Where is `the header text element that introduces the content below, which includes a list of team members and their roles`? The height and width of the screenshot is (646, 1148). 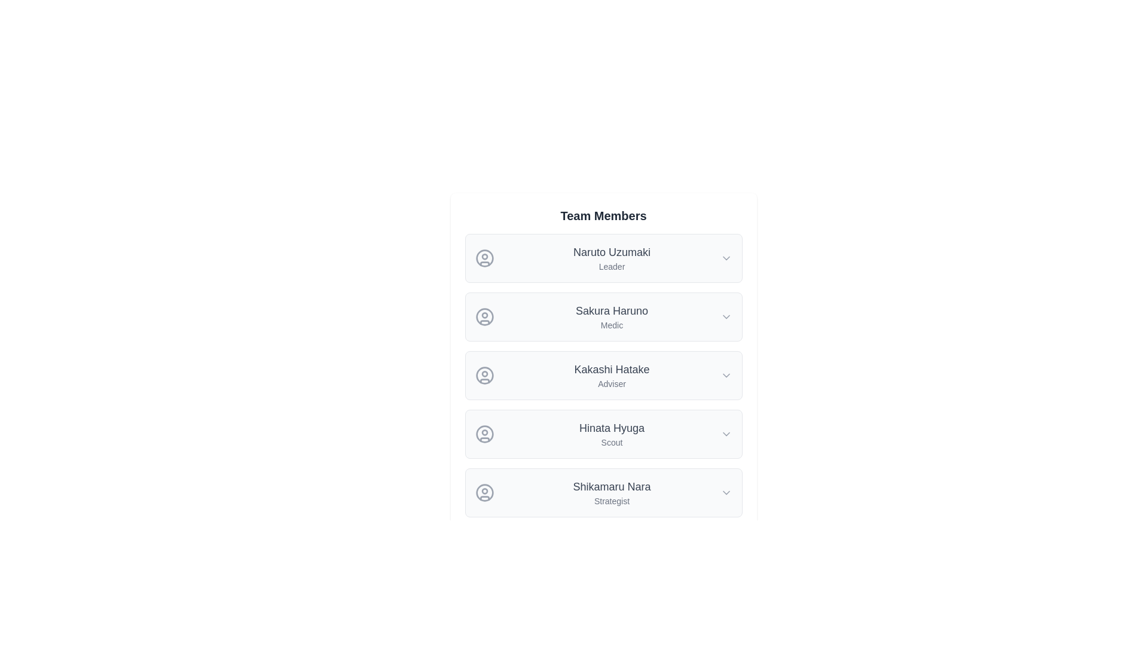 the header text element that introduces the content below, which includes a list of team members and their roles is located at coordinates (603, 216).